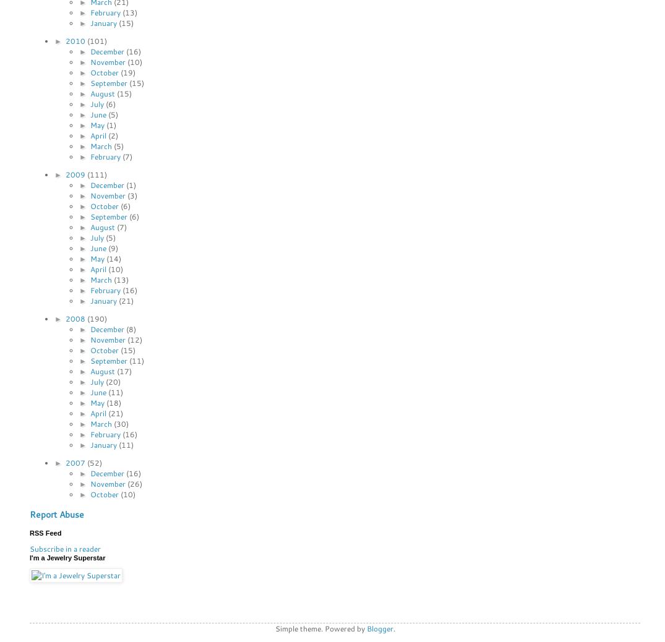 Image resolution: width=665 pixels, height=642 pixels. I want to click on '2008', so click(64, 318).